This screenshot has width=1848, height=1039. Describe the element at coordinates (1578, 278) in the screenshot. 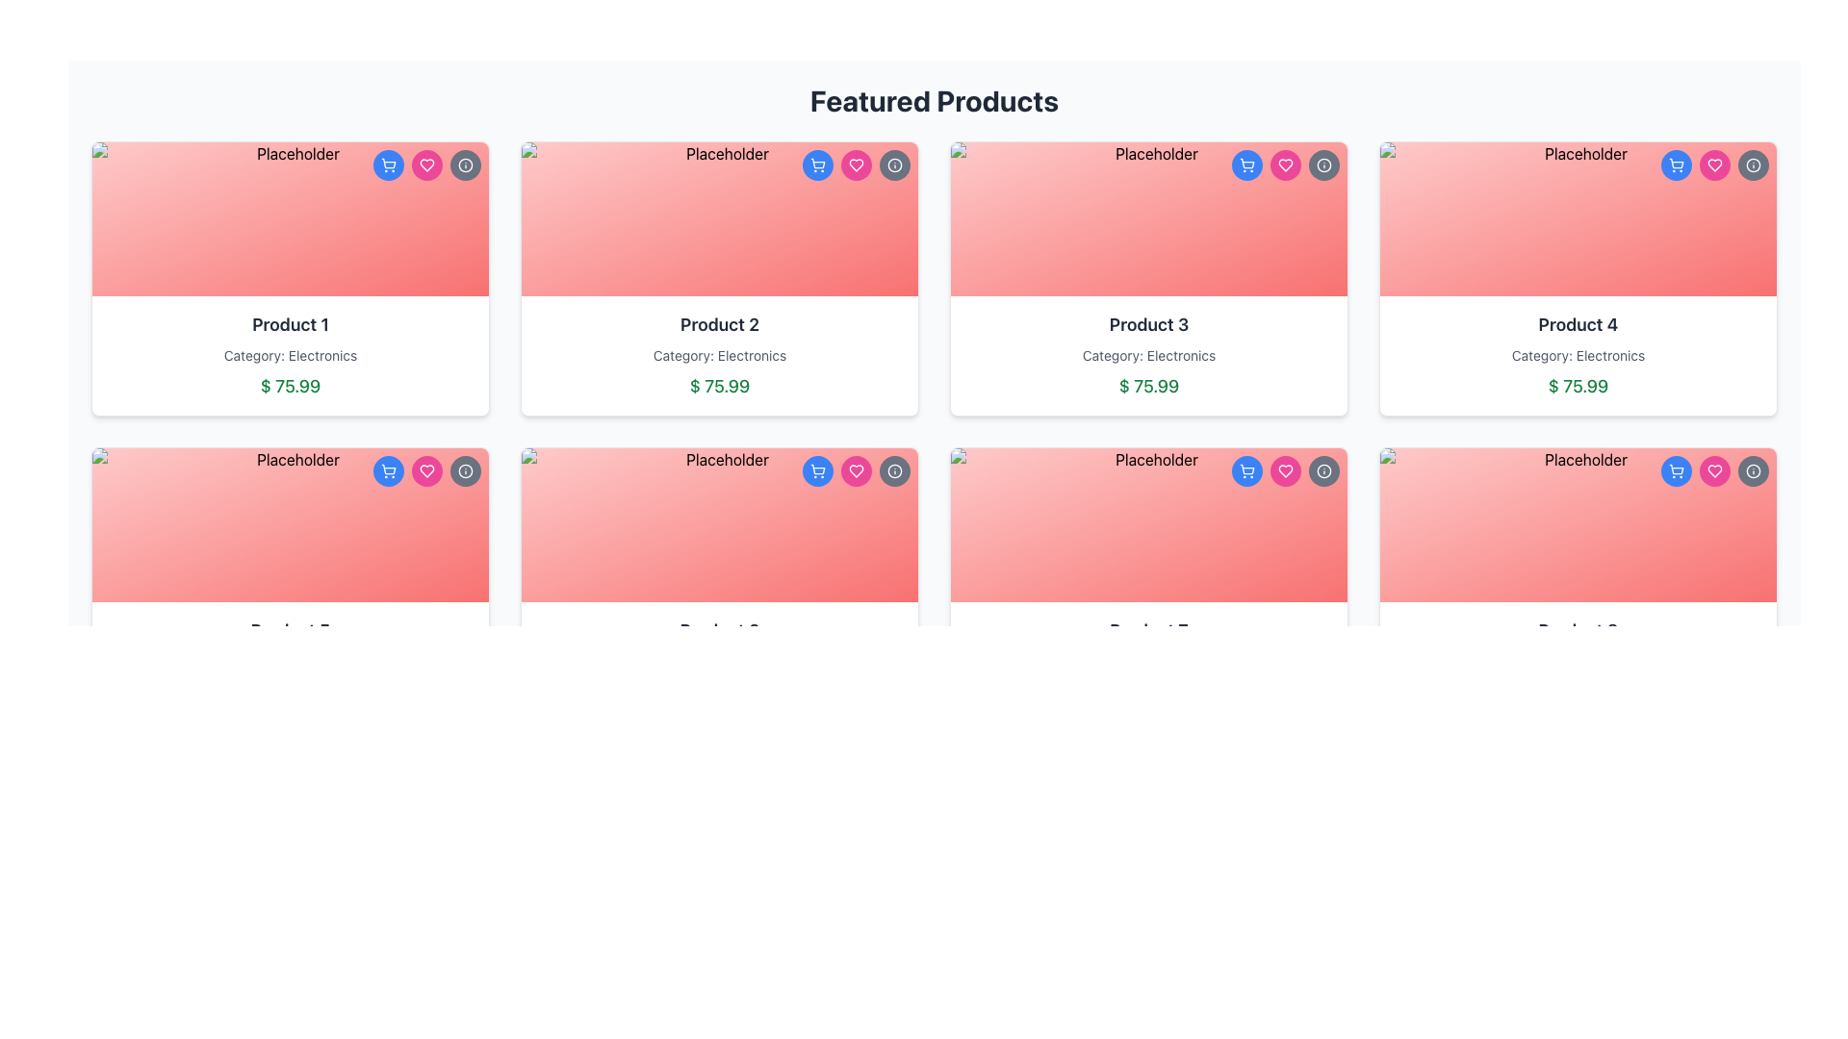

I see `the 'Product 4' card in the first row and fourth column of the product grid` at that location.